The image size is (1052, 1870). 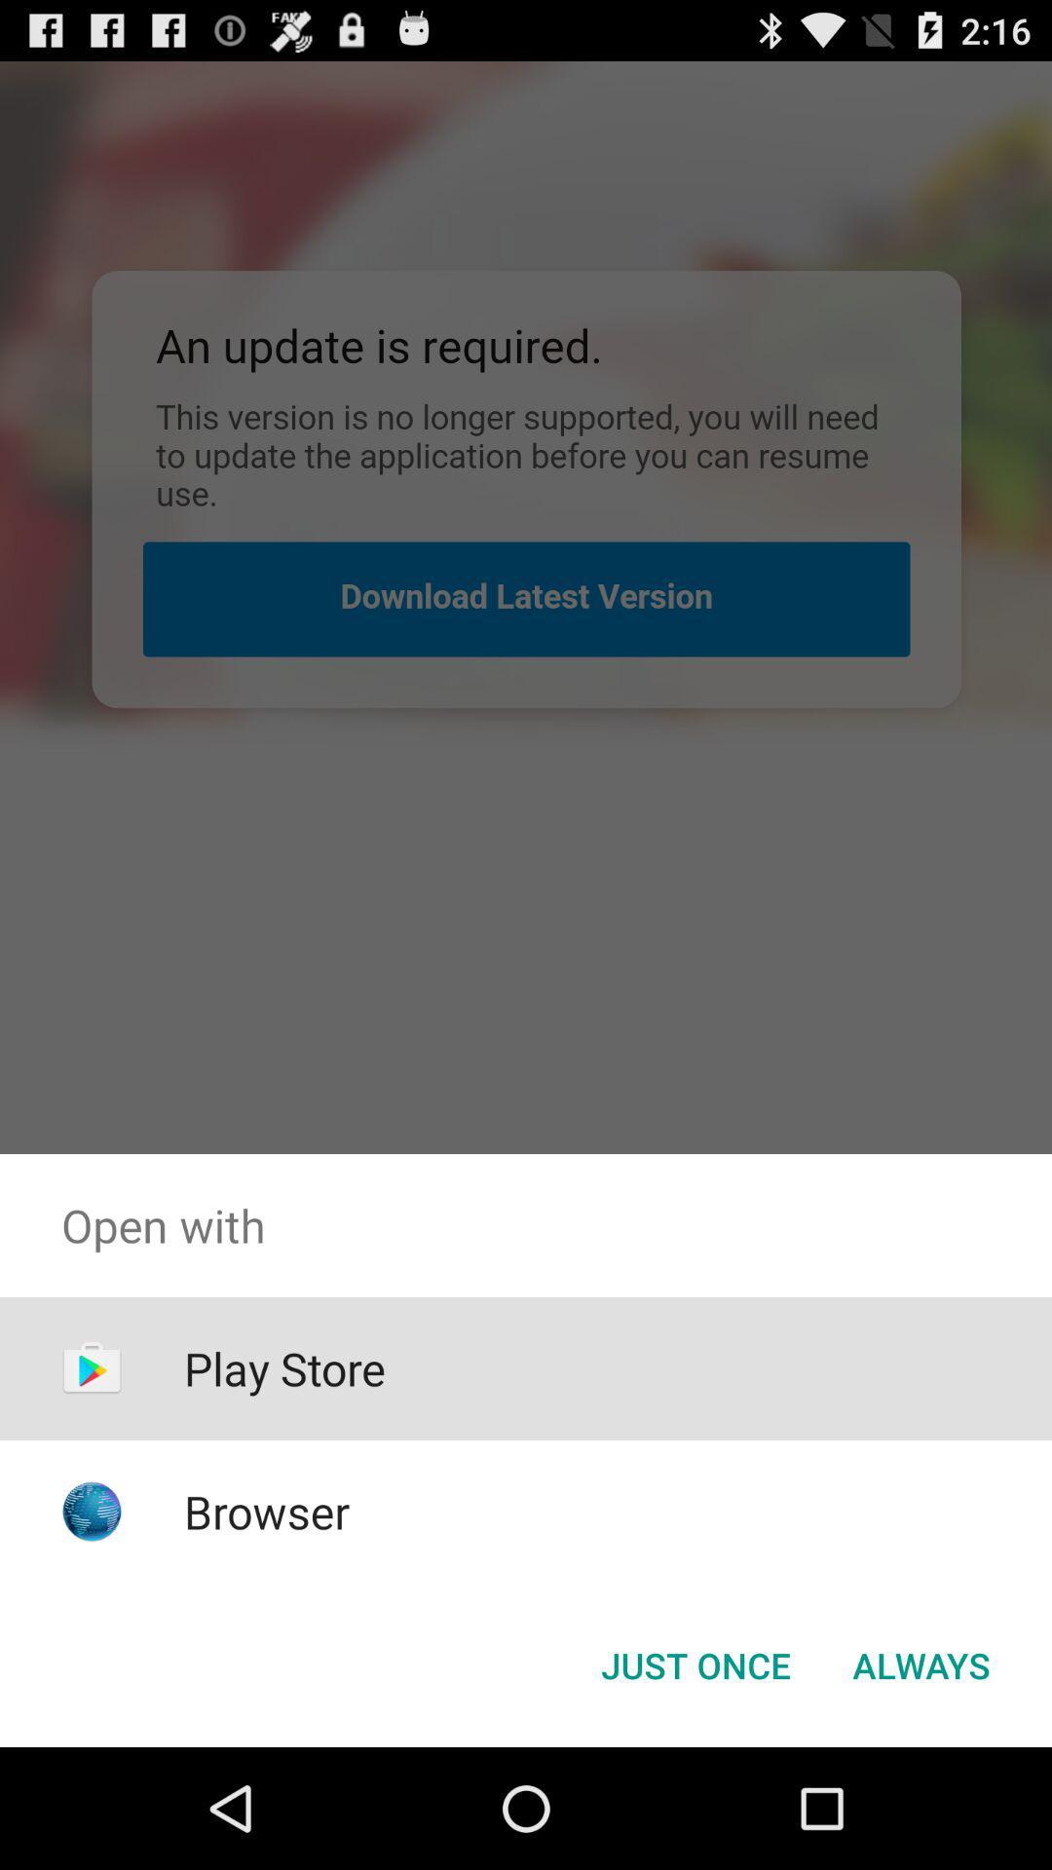 I want to click on the app below the open with item, so click(x=695, y=1664).